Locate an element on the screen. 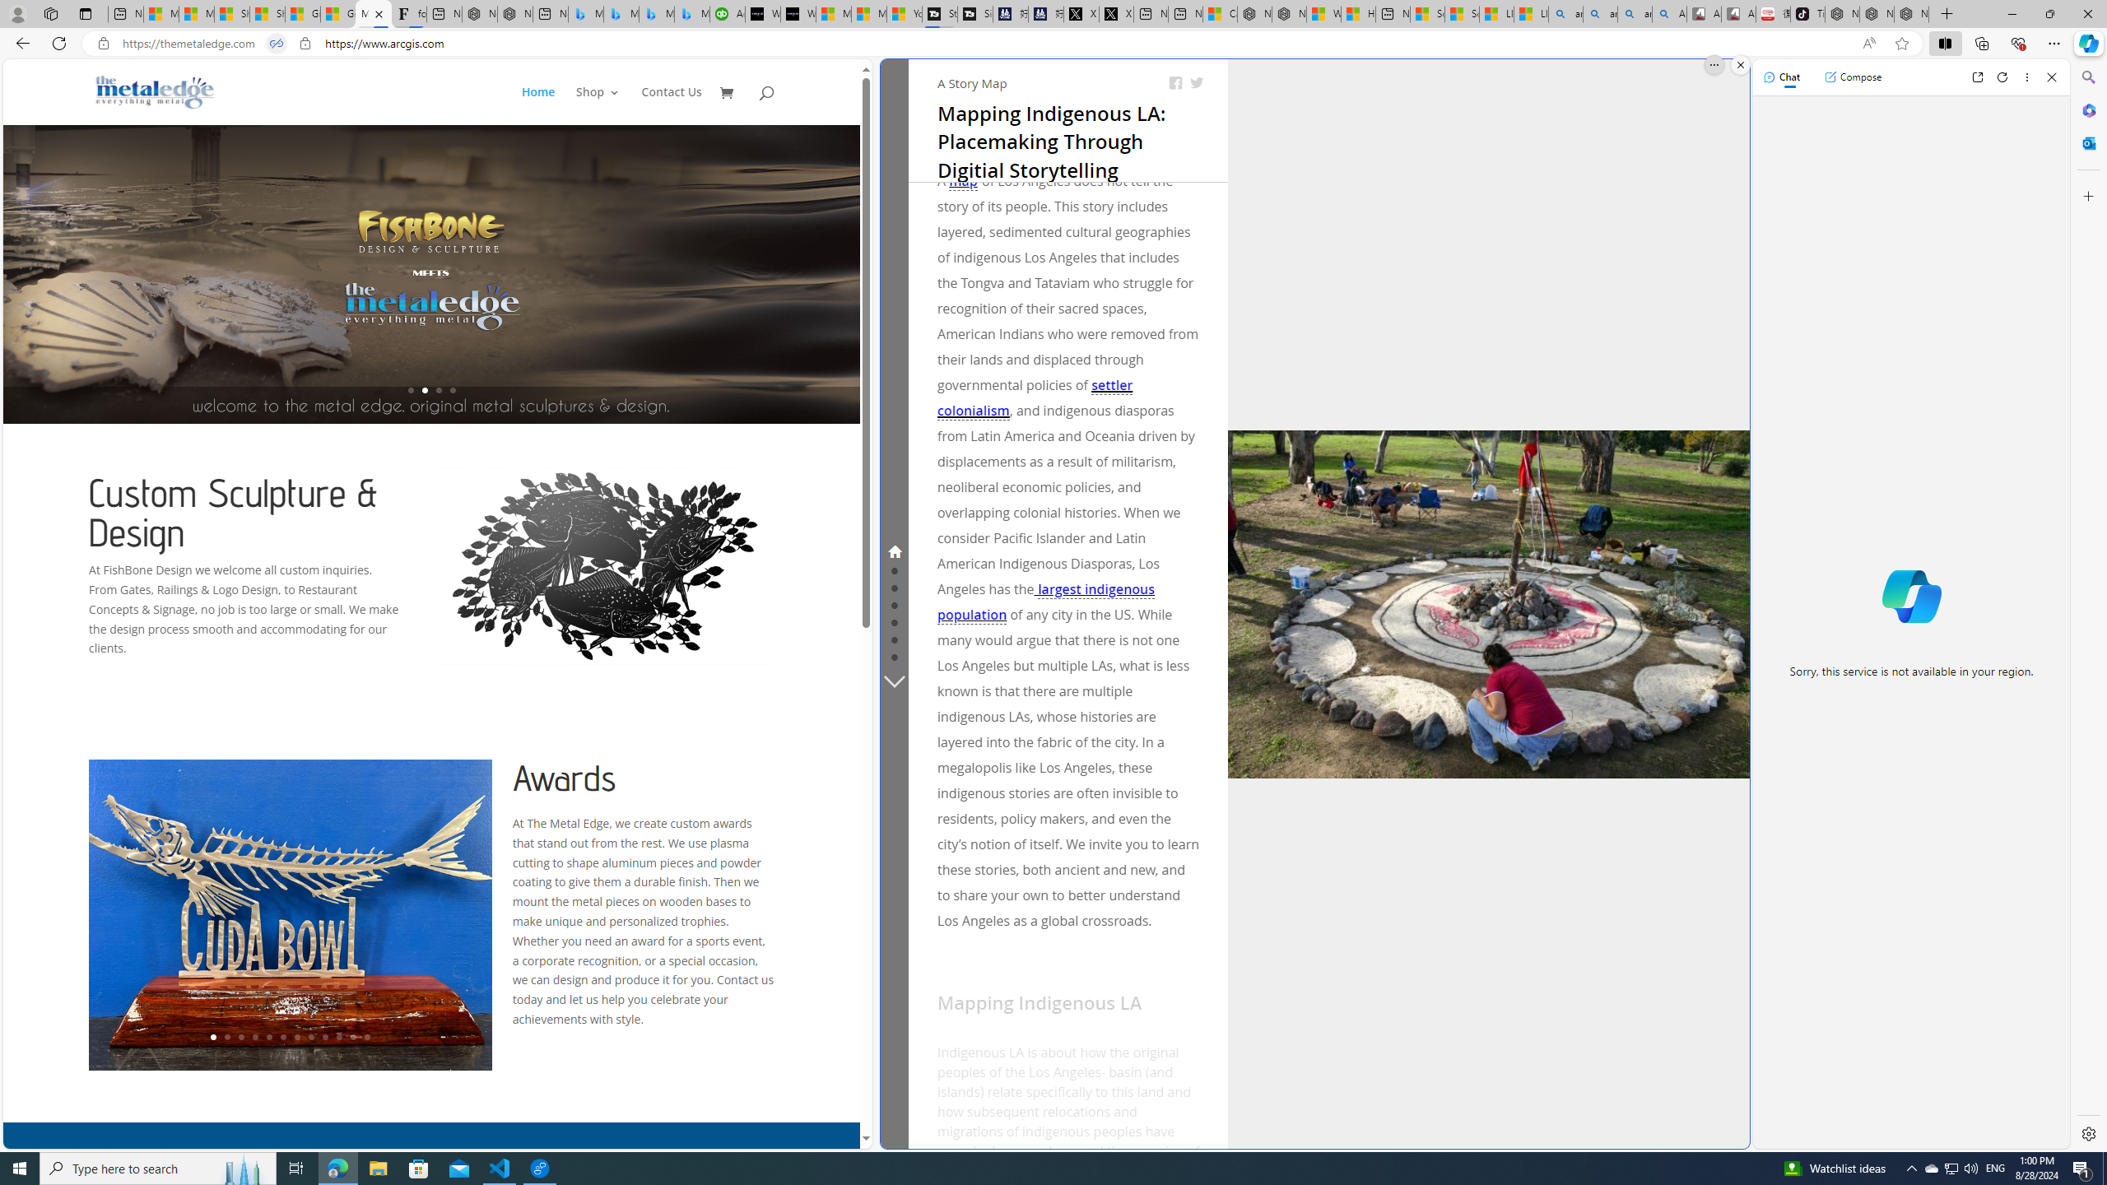  'Go to section 5: American Indians in Los Angeles ' is located at coordinates (893, 620).